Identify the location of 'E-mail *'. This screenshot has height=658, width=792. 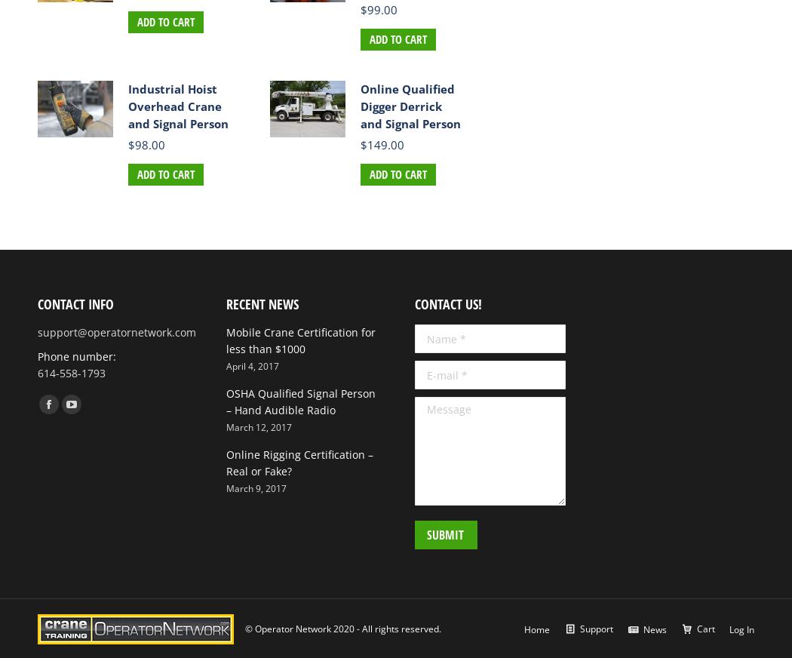
(414, 367).